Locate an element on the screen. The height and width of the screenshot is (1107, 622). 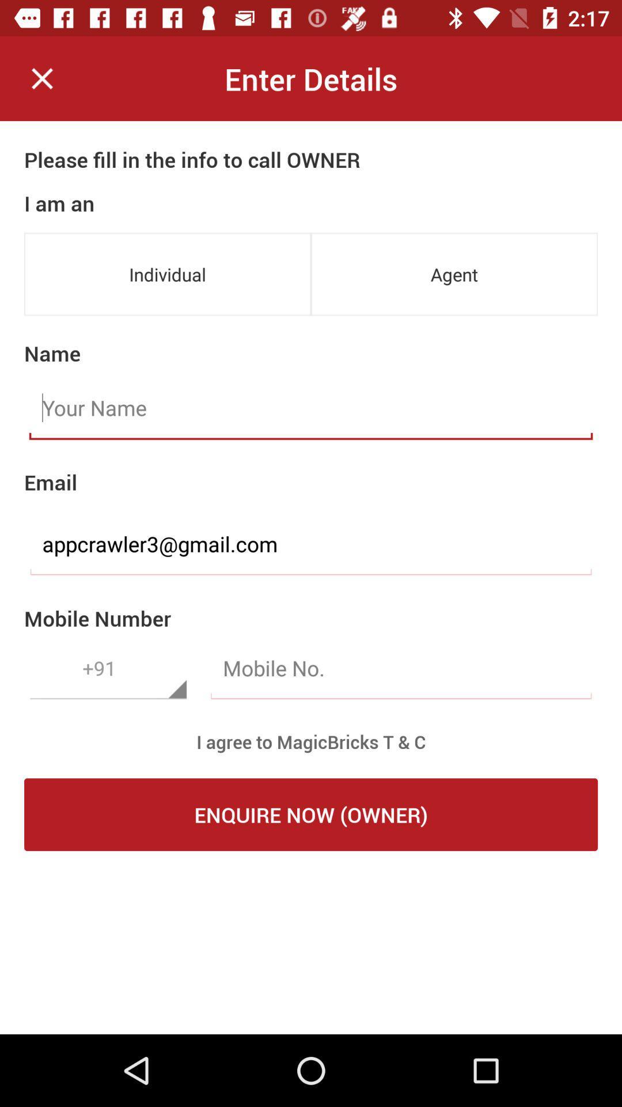
remove this window is located at coordinates (41, 78).